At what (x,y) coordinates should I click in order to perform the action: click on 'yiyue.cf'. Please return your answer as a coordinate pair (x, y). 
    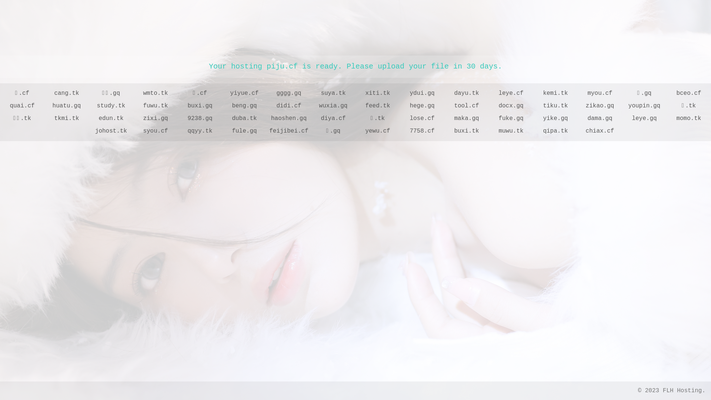
    Looking at the image, I should click on (244, 93).